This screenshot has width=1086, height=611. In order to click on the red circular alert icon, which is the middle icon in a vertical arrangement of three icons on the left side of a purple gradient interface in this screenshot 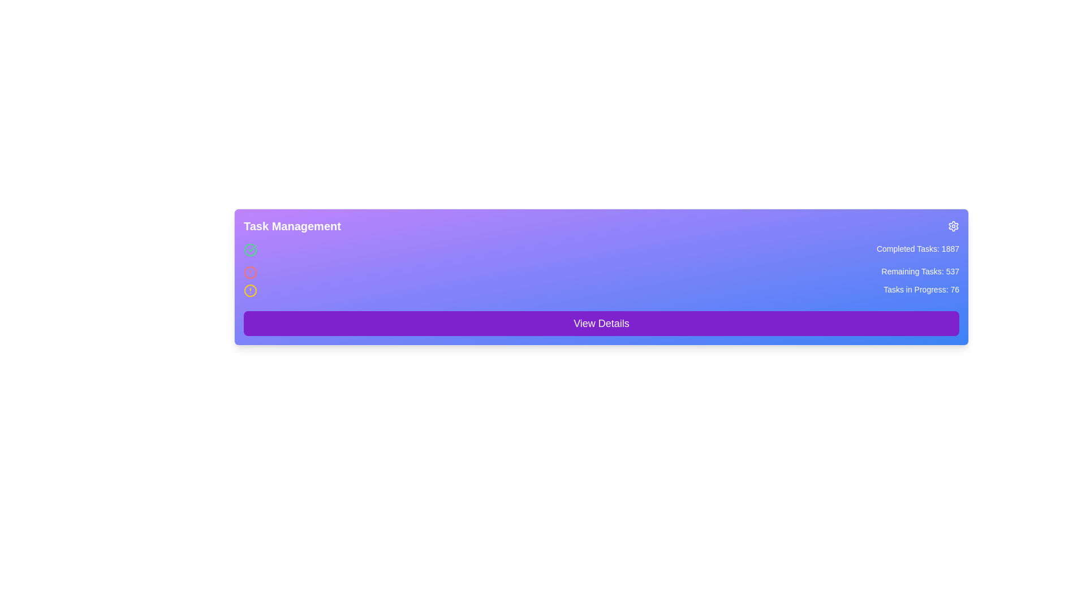, I will do `click(249, 273)`.